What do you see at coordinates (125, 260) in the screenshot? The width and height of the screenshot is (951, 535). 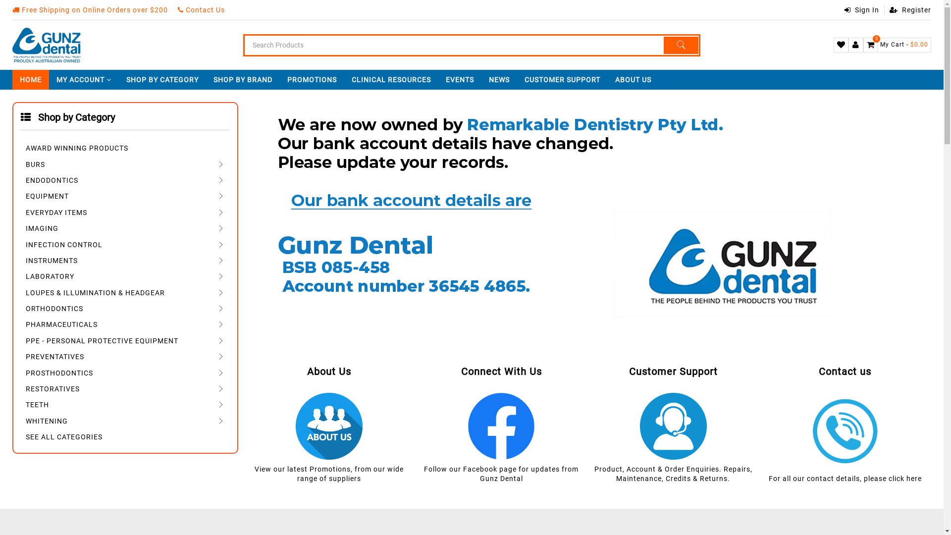 I see `'INSTRUMENTS'` at bounding box center [125, 260].